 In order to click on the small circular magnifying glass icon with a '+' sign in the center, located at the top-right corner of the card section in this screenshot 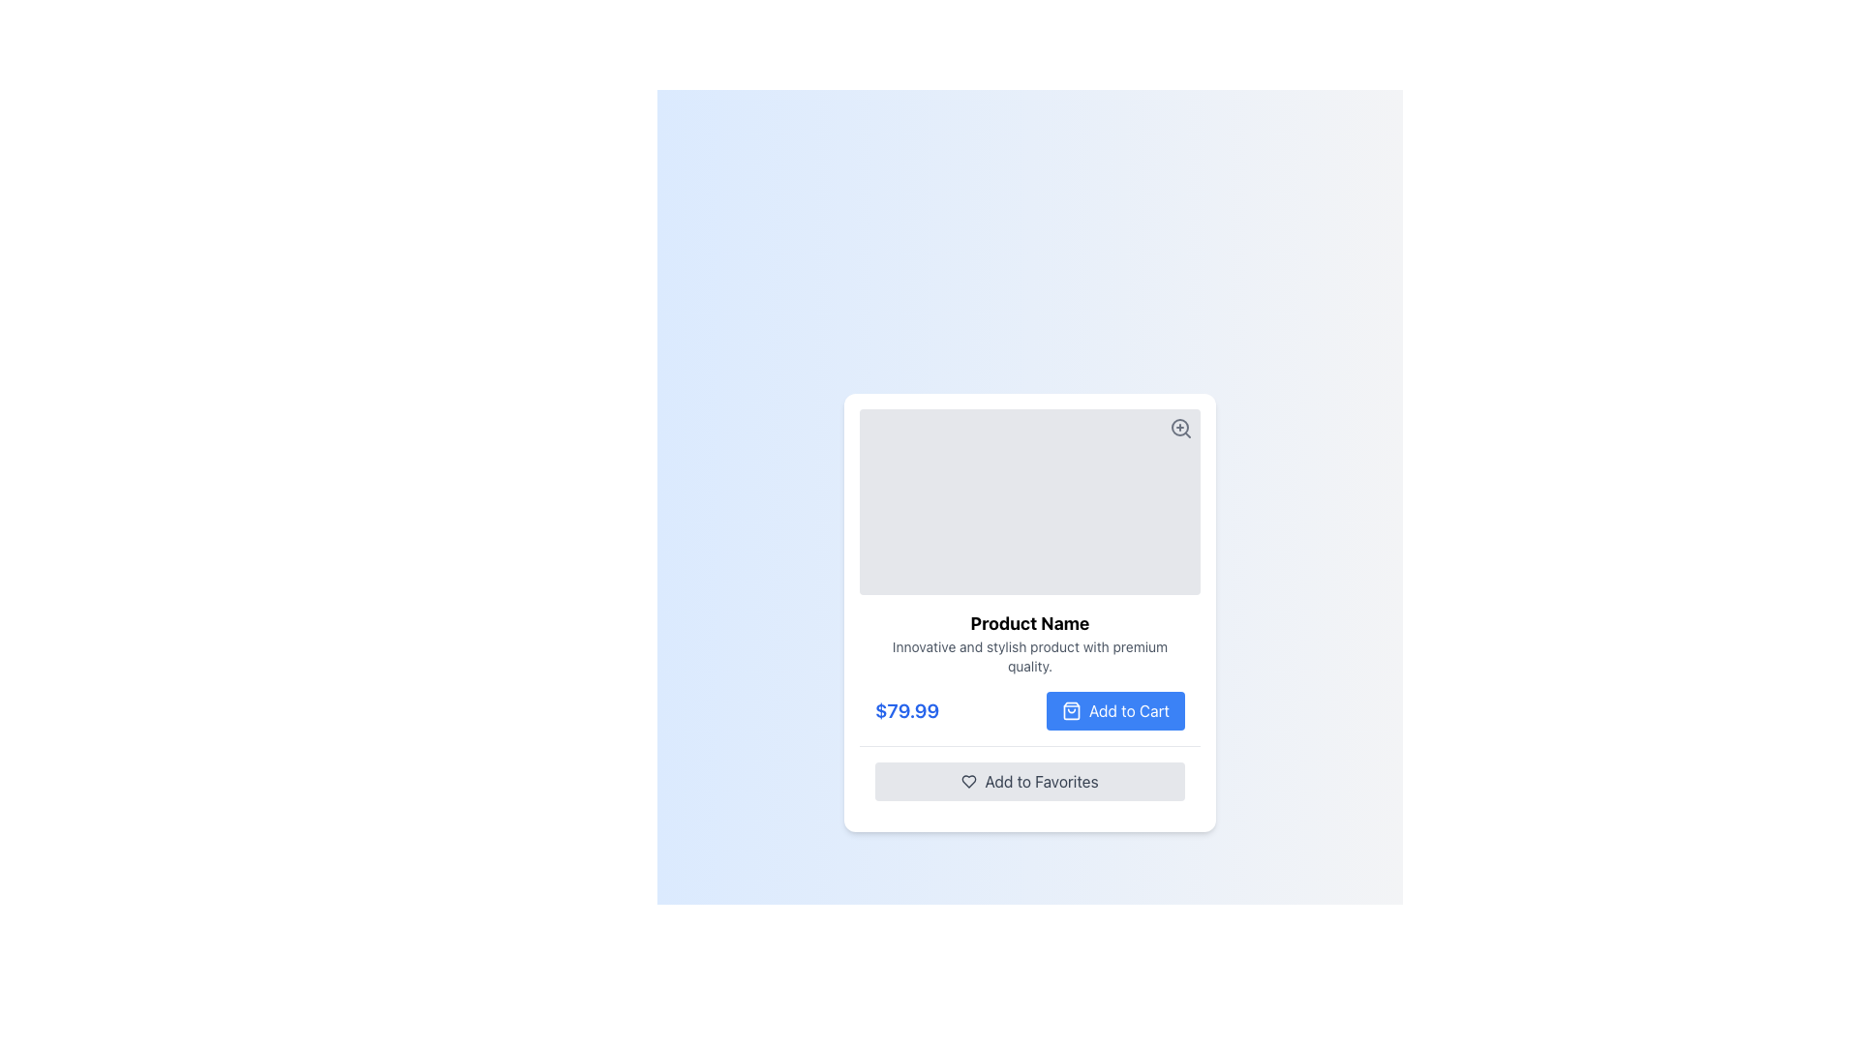, I will do `click(1179, 427)`.